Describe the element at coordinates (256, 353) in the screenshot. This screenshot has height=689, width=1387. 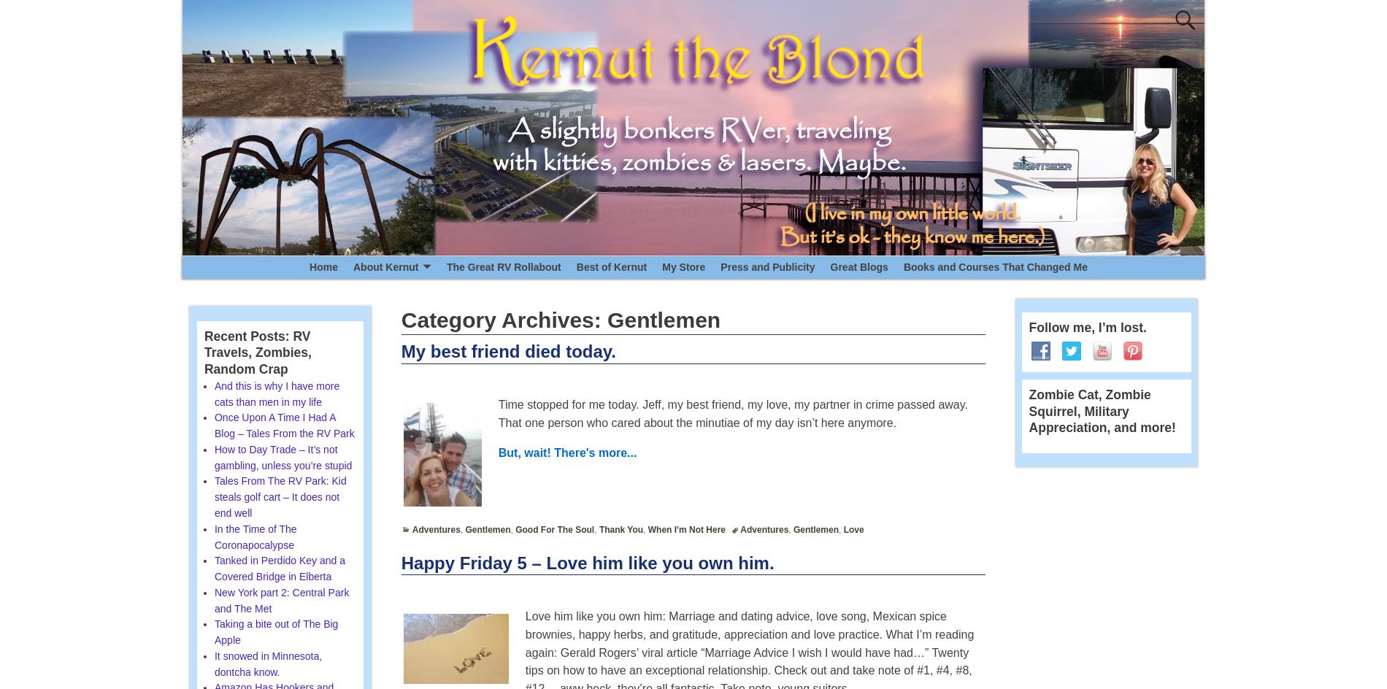
I see `'Recent Posts: RV Travels, Zombies, Random Crap'` at that location.